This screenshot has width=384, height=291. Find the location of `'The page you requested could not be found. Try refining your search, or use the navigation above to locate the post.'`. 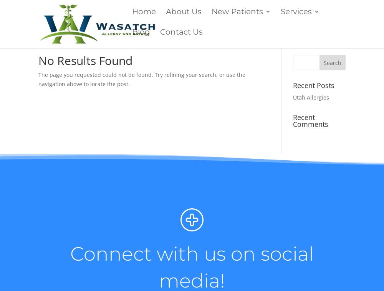

'The page you requested could not be found. Try refining your search, or use the navigation above to locate the post.' is located at coordinates (141, 78).